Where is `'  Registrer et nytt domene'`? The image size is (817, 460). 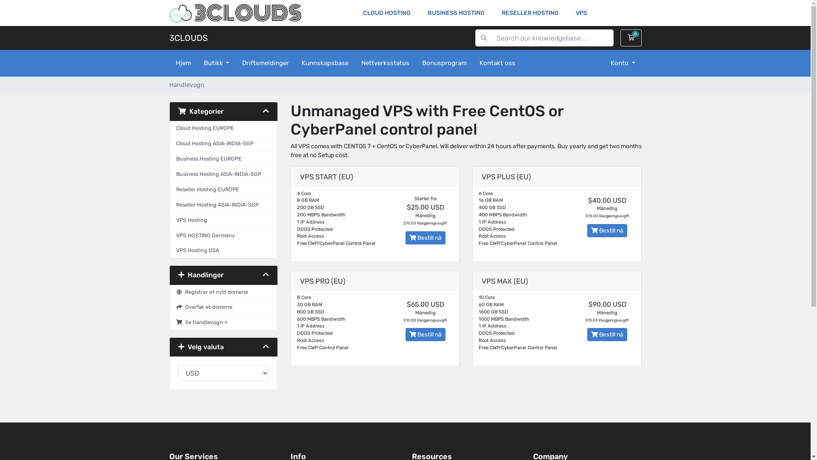 '  Registrer et nytt domene' is located at coordinates (223, 292).